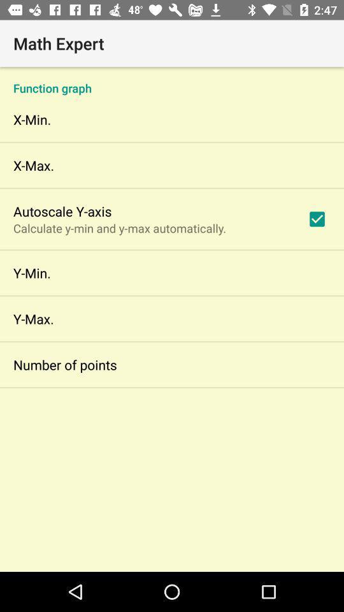  I want to click on app next to the calculate y min item, so click(316, 219).